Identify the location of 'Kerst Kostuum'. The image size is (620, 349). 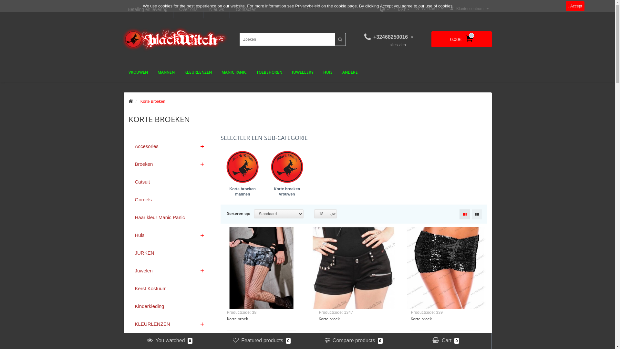
(129, 288).